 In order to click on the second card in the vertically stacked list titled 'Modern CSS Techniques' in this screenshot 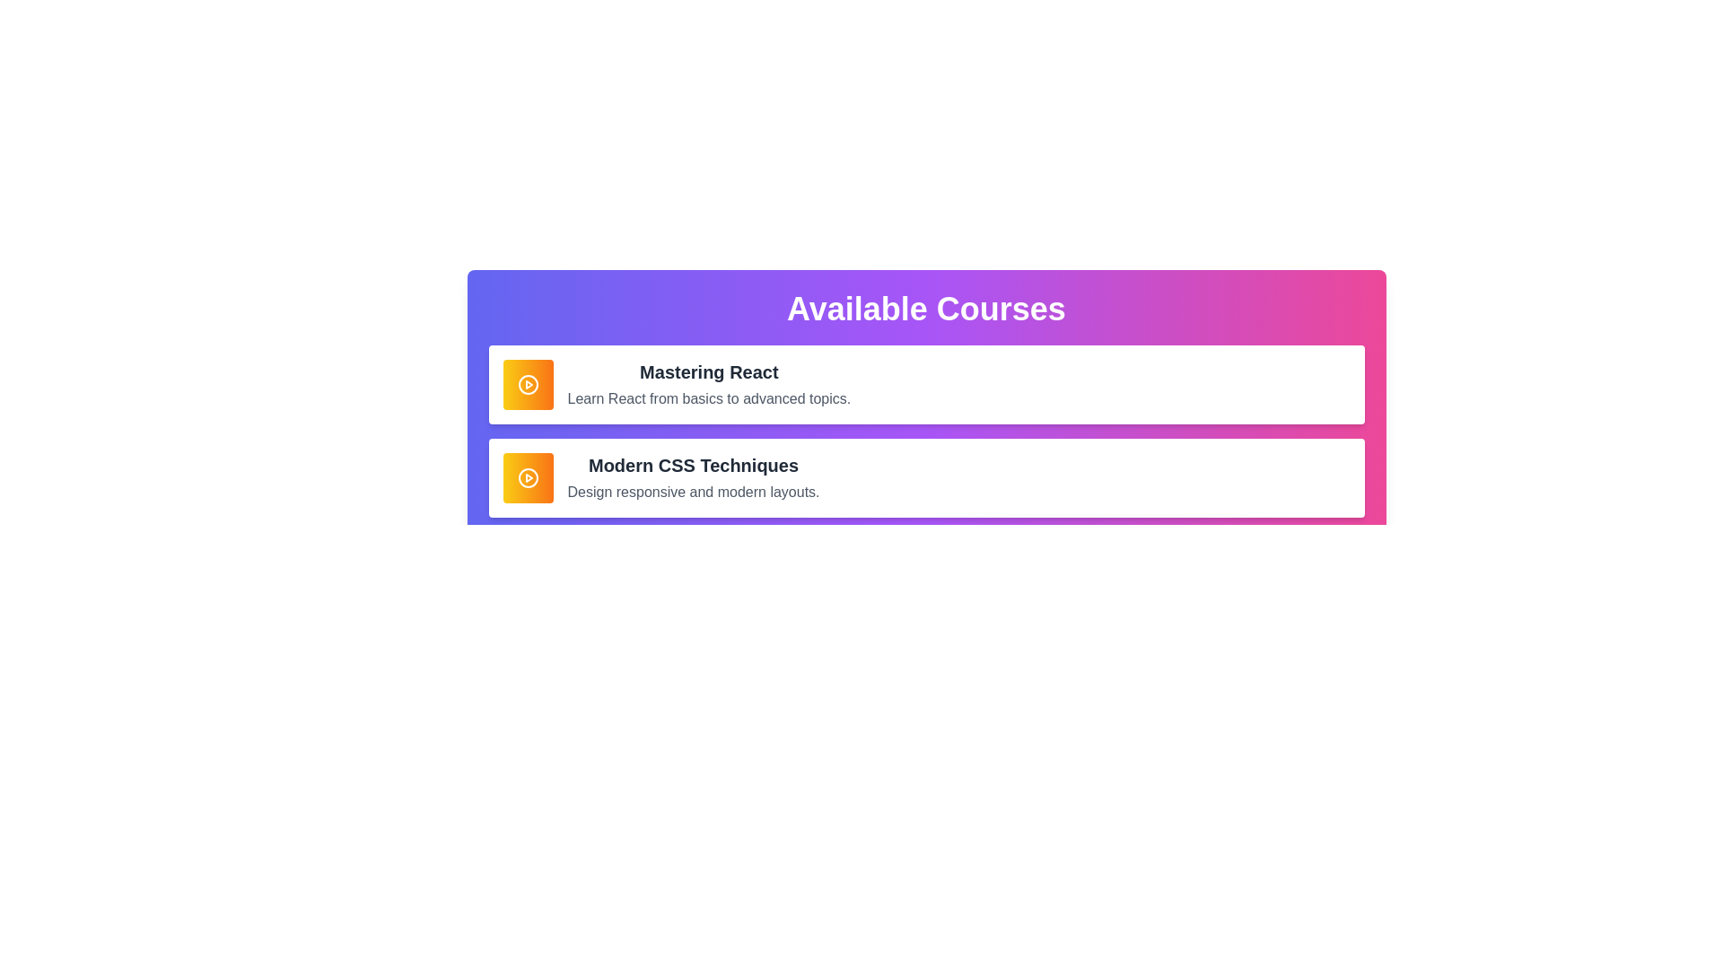, I will do `click(926, 476)`.